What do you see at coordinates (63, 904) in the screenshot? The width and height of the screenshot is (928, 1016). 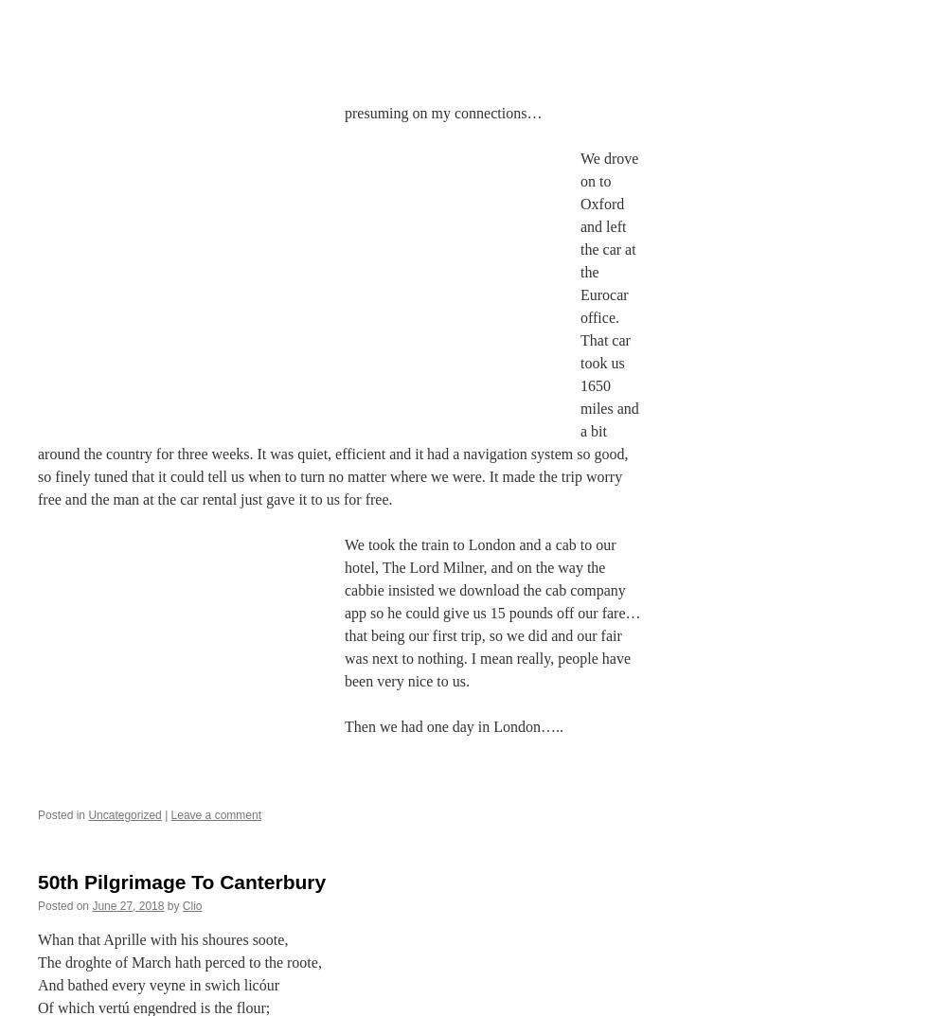 I see `'Posted on'` at bounding box center [63, 904].